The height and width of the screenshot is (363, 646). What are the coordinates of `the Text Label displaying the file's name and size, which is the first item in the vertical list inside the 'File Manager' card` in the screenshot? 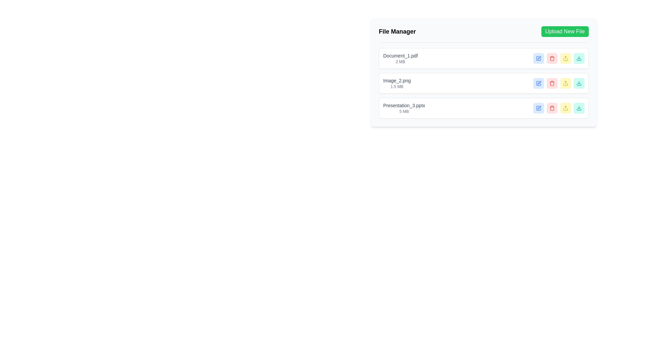 It's located at (400, 58).